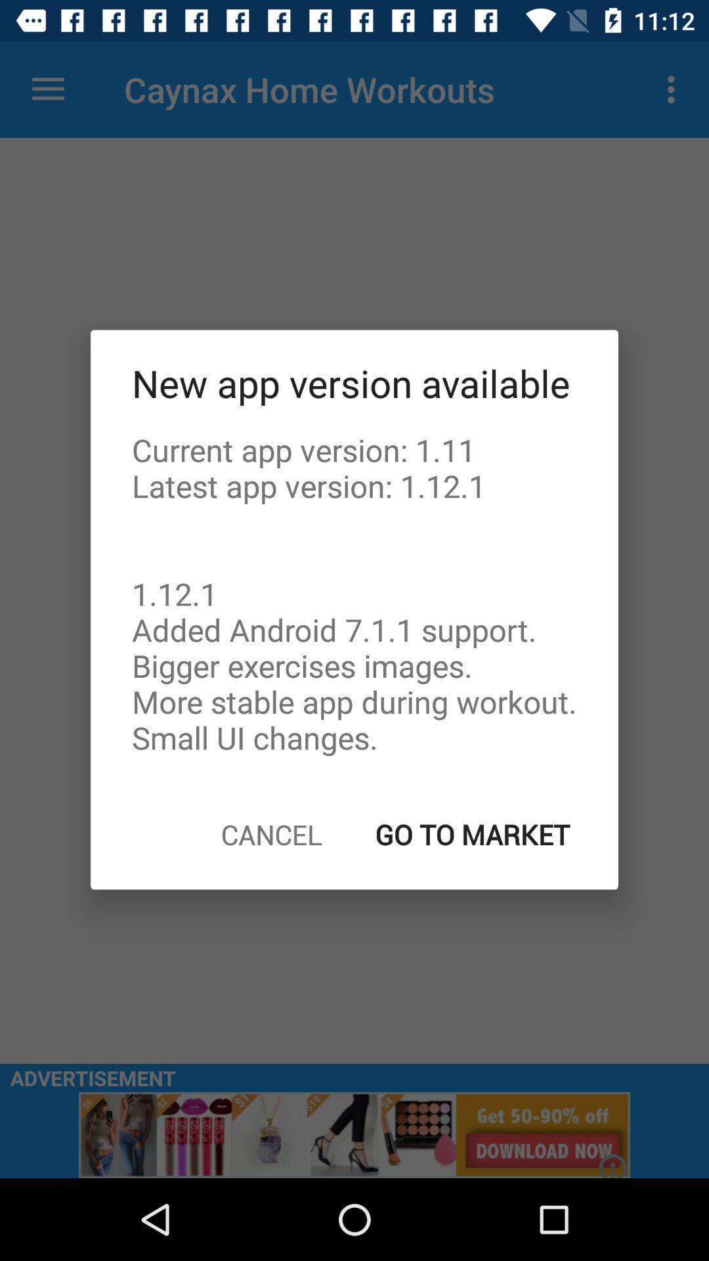 The width and height of the screenshot is (709, 1261). What do you see at coordinates (473, 833) in the screenshot?
I see `go to market on the right` at bounding box center [473, 833].